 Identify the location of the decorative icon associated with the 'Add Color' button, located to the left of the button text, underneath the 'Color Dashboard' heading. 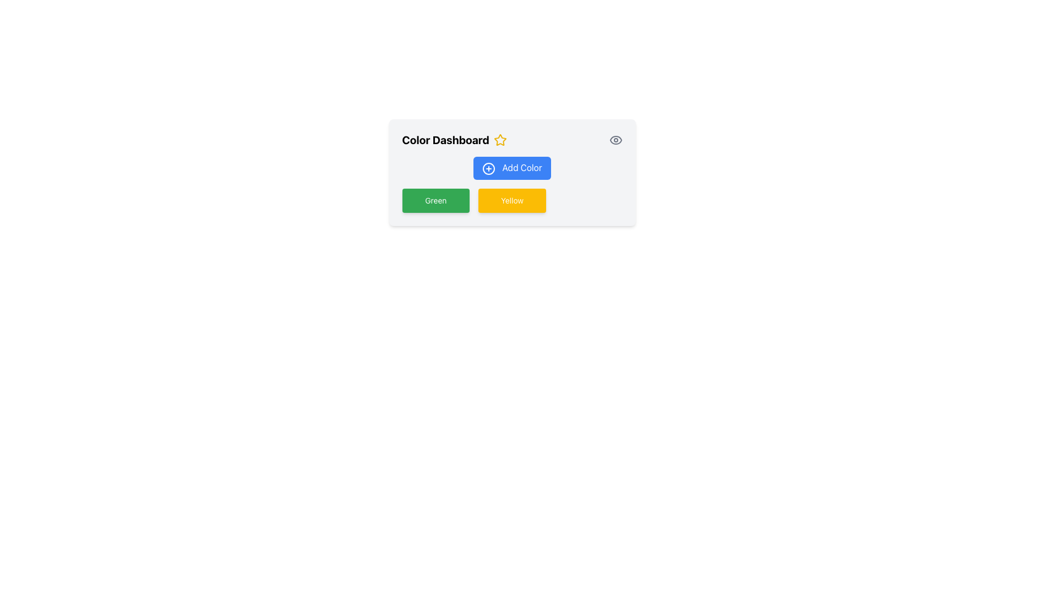
(488, 168).